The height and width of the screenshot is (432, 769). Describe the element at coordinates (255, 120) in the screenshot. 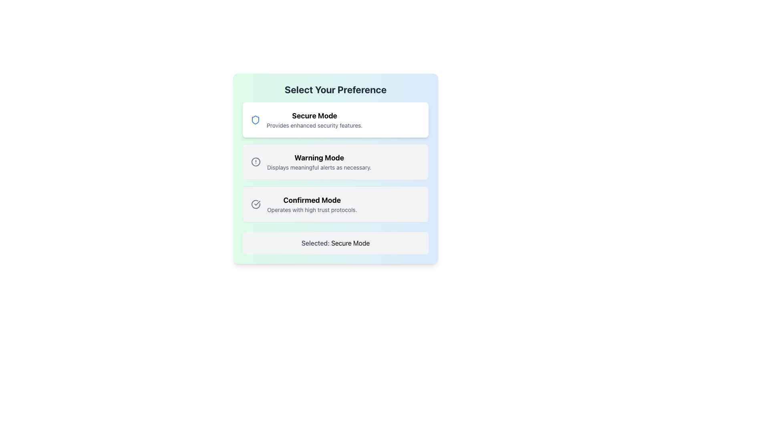

I see `the shield icon located to the left of the 'Secure Mode' text label in the preference selection interface, which visually represents security or protection` at that location.